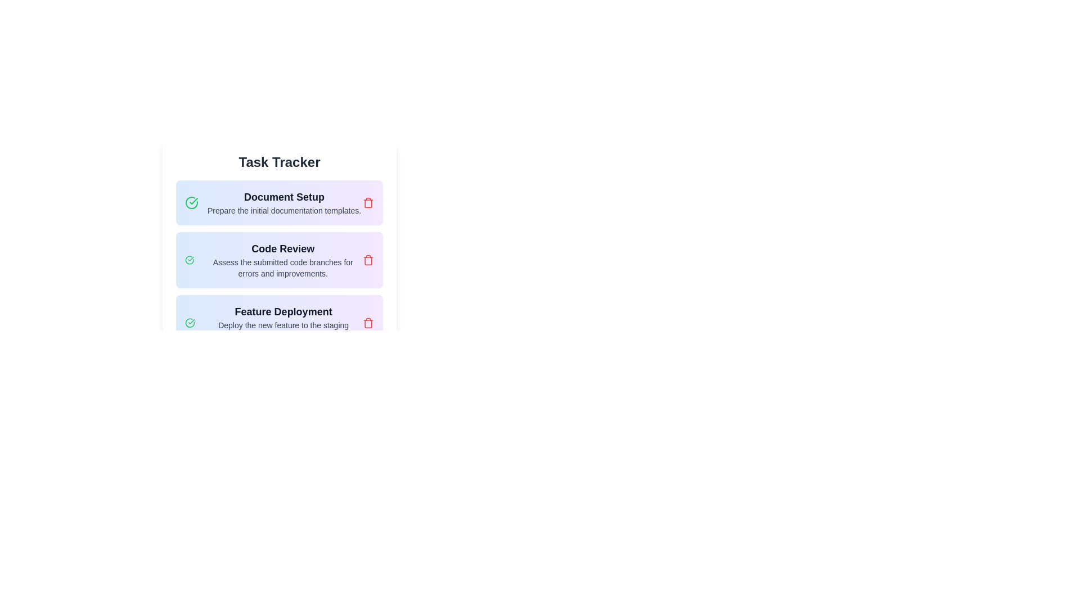  Describe the element at coordinates (190, 323) in the screenshot. I see `the circular green icon with a checkmark at the beginning of the 'Feature Deployment' row in the Task Tracker` at that location.